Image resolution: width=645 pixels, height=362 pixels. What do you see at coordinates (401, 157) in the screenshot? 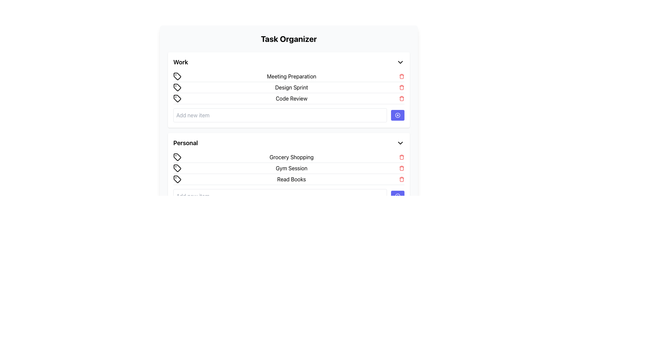
I see `the small red trash icon aligned to the right of the 'Grocery Shopping' task entry in the 'Personal' section` at bounding box center [401, 157].